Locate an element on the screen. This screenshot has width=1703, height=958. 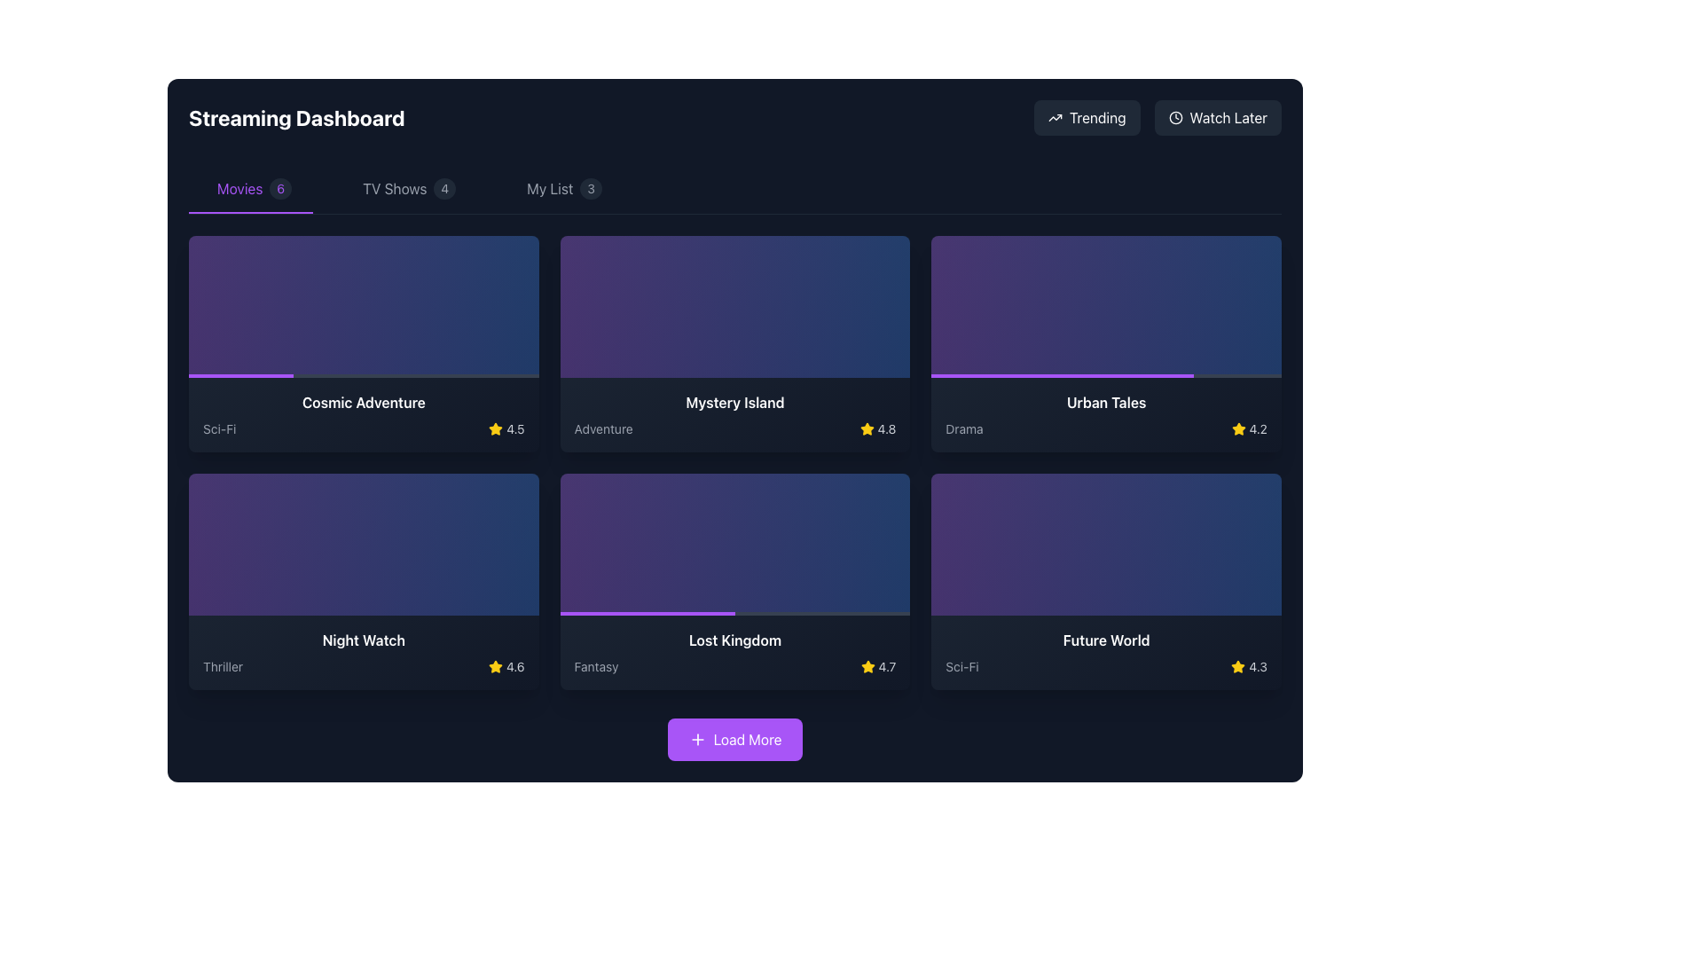
the decorative area with a gradient background located at the top of the 'Urban Tales' card in the rightmost column of the first row is located at coordinates (1105, 306).